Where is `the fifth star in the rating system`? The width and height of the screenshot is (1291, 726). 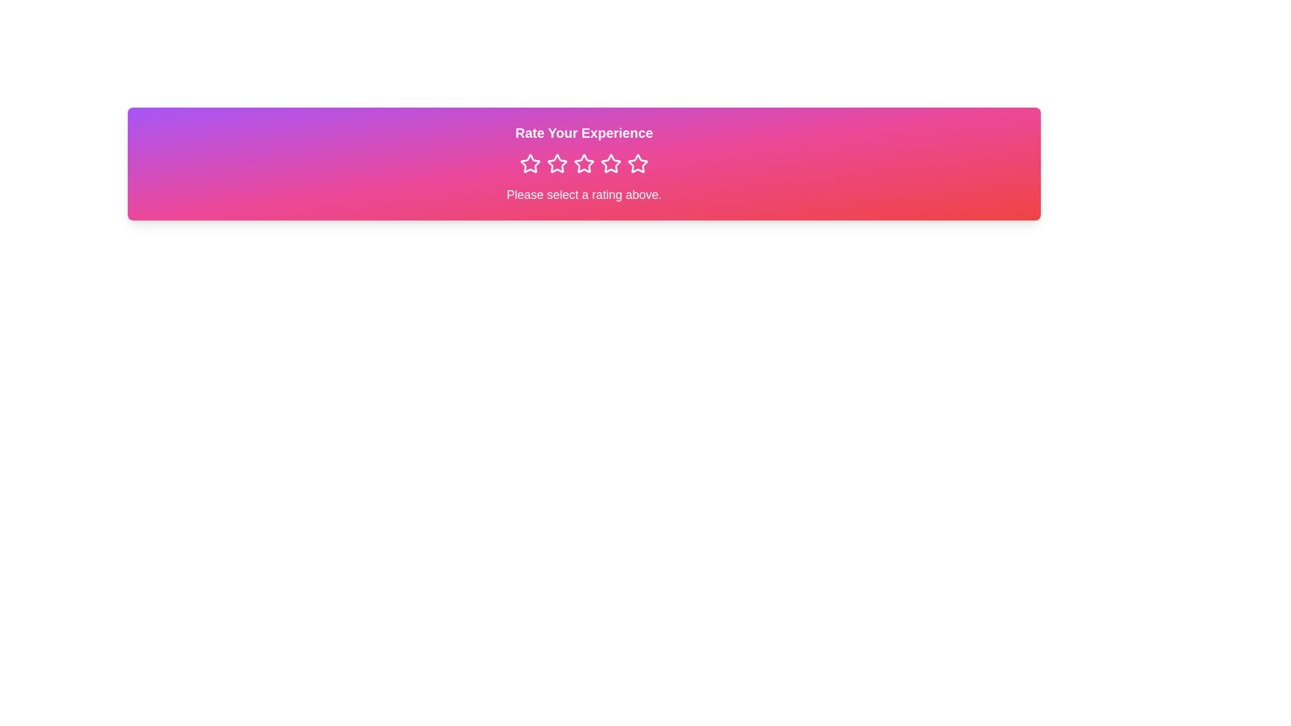
the fifth star in the rating system is located at coordinates (637, 163).